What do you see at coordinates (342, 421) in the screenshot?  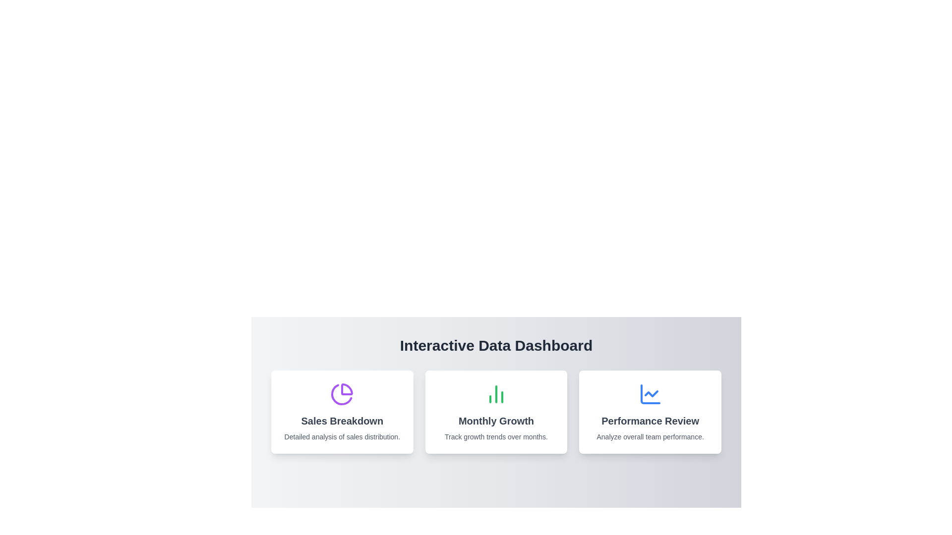 I see `text of the heading label that serves as a title for the first card in the horizontal row of three cards, positioned below the pie chart icon` at bounding box center [342, 421].